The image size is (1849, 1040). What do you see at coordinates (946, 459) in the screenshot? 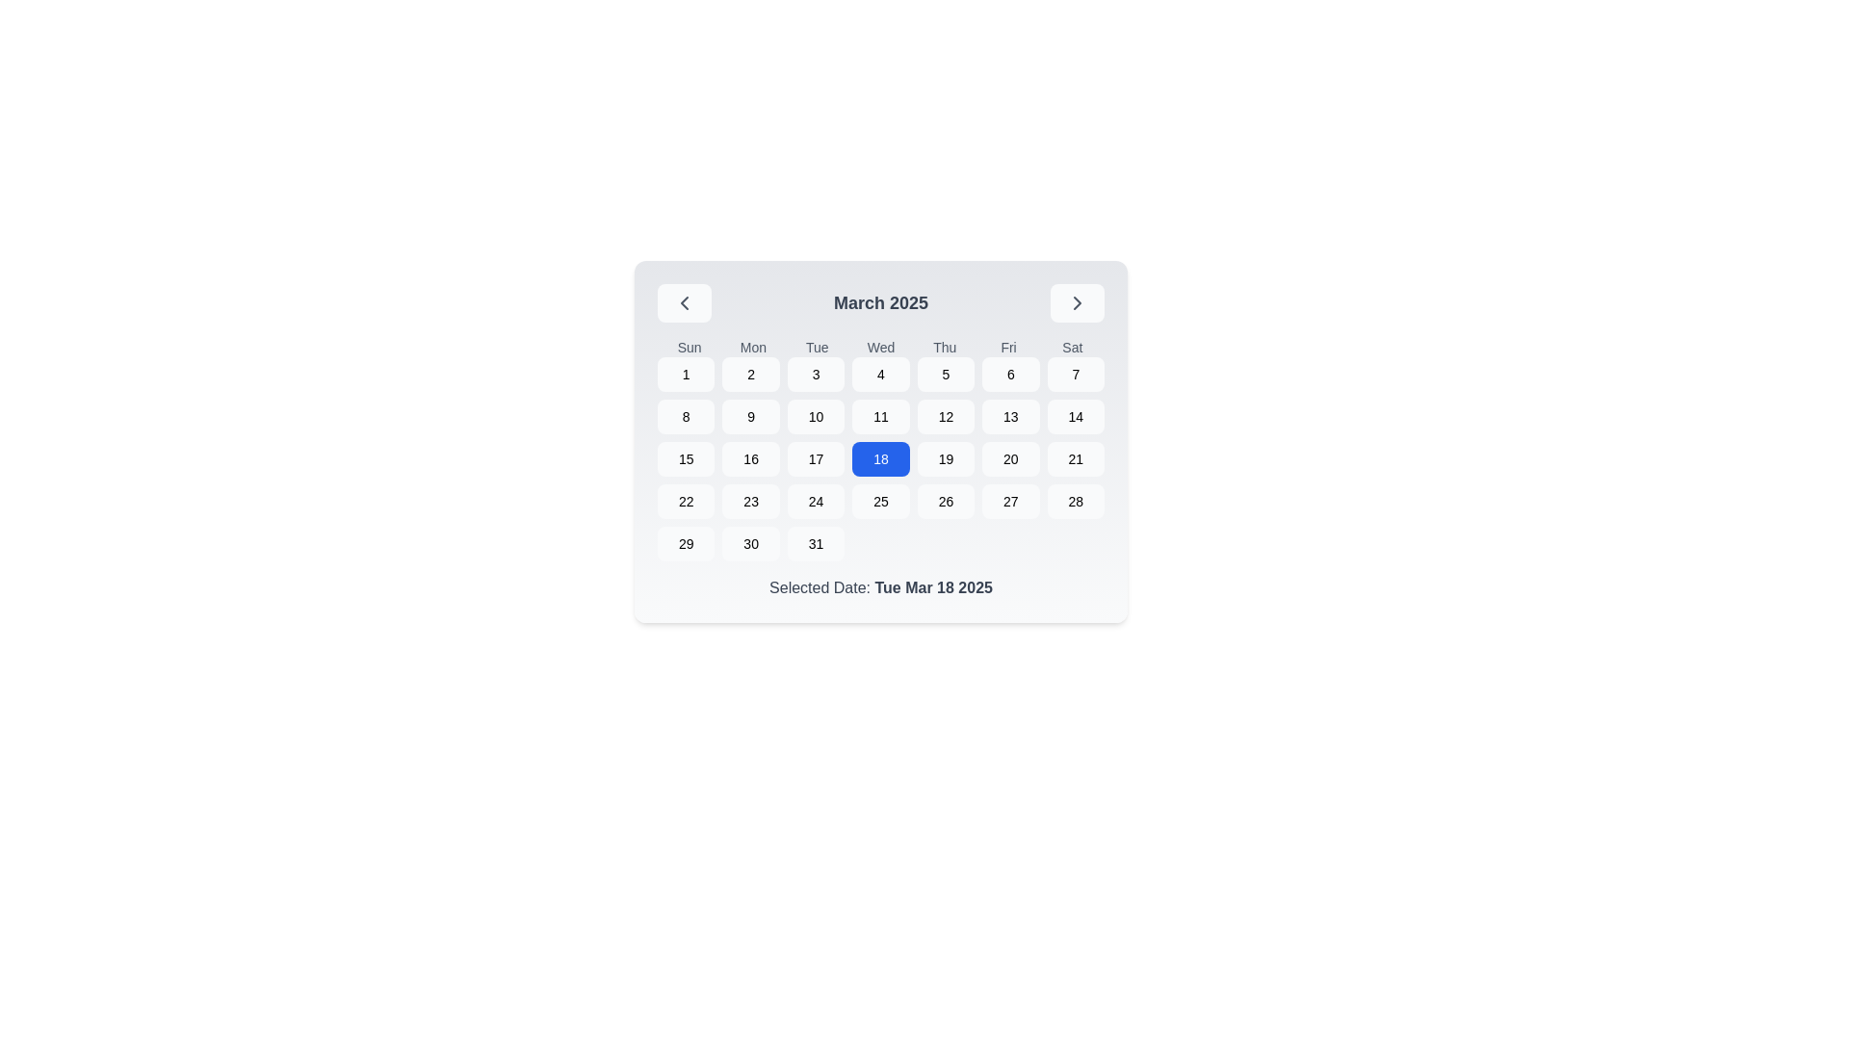
I see `the date button with the number '19' displayed in the center, which has a gray background and rounded edges` at bounding box center [946, 459].